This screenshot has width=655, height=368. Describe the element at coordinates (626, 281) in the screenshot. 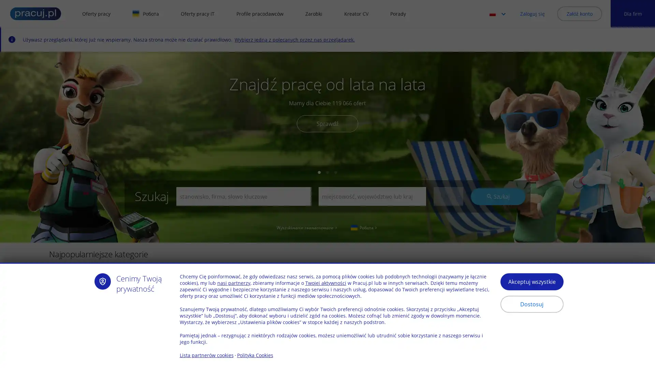

I see `Nastepne` at that location.